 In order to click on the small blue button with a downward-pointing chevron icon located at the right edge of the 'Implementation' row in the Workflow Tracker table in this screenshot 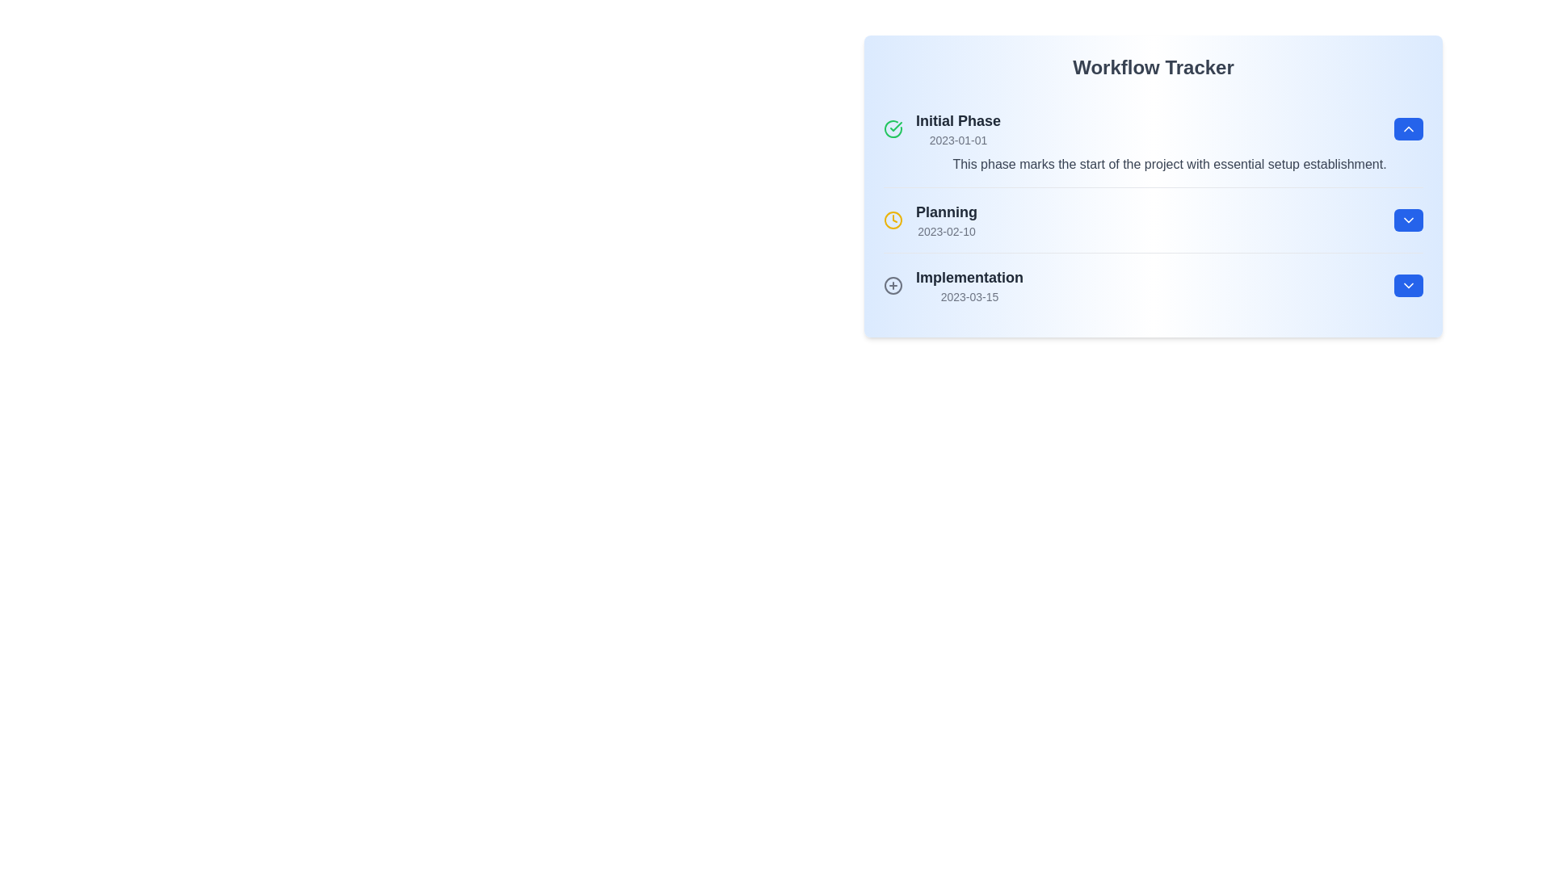, I will do `click(1407, 285)`.